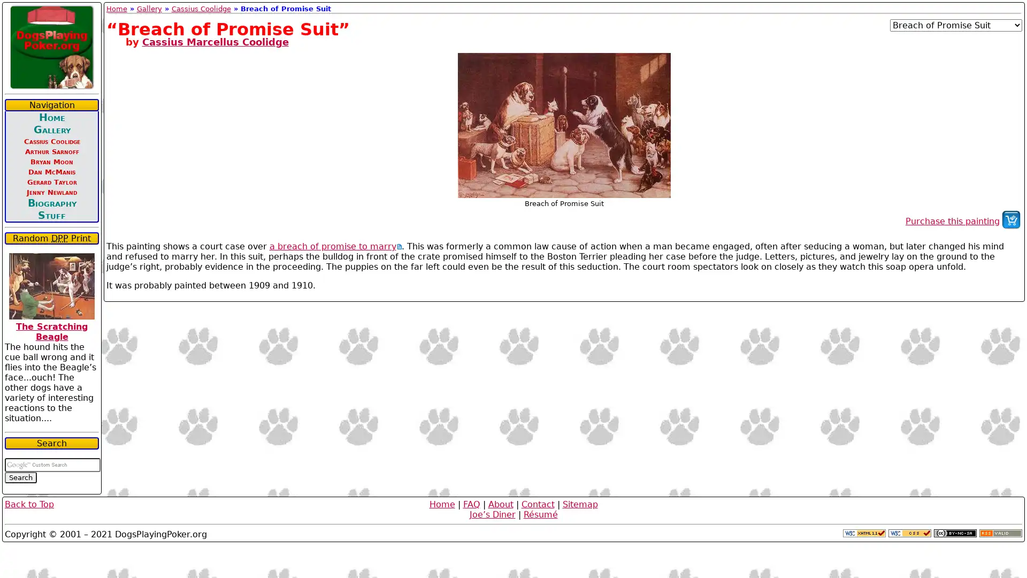 The image size is (1027, 578). Describe the element at coordinates (20, 477) in the screenshot. I see `Search` at that location.